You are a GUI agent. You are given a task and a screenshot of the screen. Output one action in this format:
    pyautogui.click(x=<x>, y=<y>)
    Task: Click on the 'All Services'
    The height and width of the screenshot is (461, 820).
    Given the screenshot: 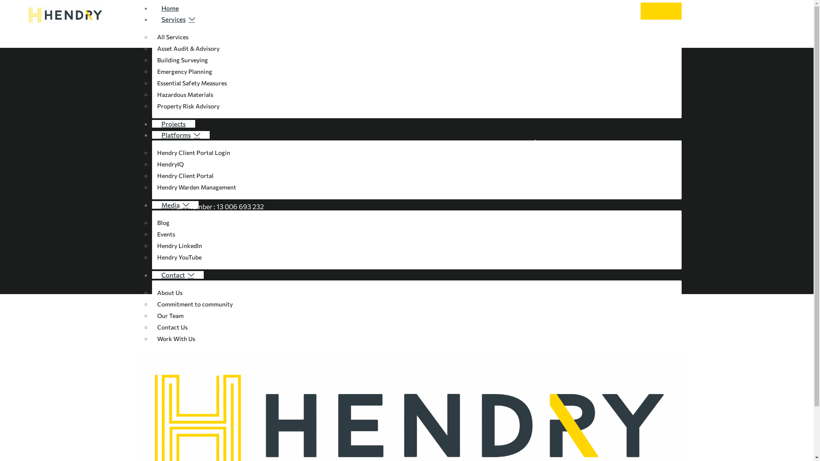 What is the action you would take?
    pyautogui.click(x=172, y=36)
    